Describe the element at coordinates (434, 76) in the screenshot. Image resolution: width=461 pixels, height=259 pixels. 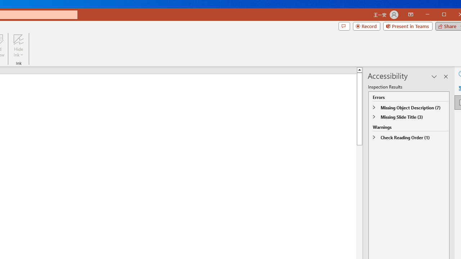
I see `'Task Pane Options'` at that location.